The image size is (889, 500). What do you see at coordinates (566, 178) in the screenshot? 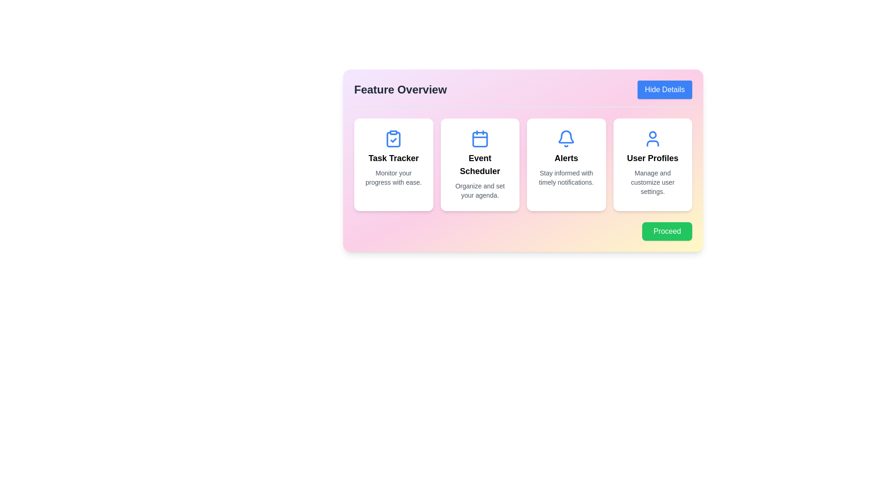
I see `the descriptive text label located beneath the title and bell icon in the 'Alerts' feature card, which is the third card from the left in a row of four feature cards` at bounding box center [566, 178].